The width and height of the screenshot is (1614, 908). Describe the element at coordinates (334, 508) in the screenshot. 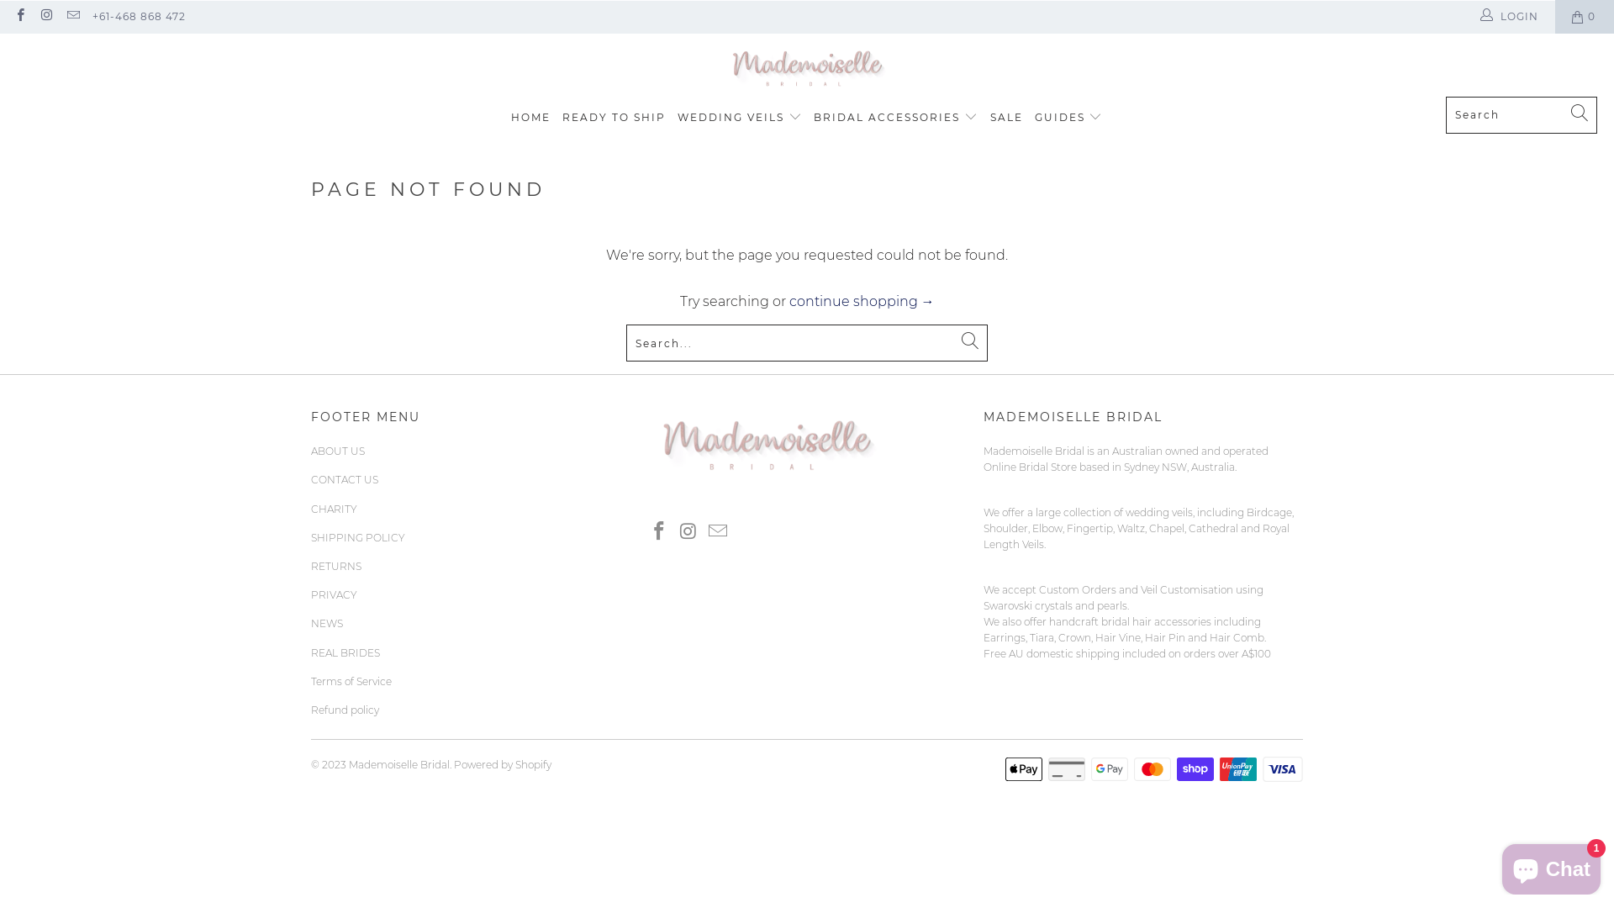

I see `'CHARITY'` at that location.